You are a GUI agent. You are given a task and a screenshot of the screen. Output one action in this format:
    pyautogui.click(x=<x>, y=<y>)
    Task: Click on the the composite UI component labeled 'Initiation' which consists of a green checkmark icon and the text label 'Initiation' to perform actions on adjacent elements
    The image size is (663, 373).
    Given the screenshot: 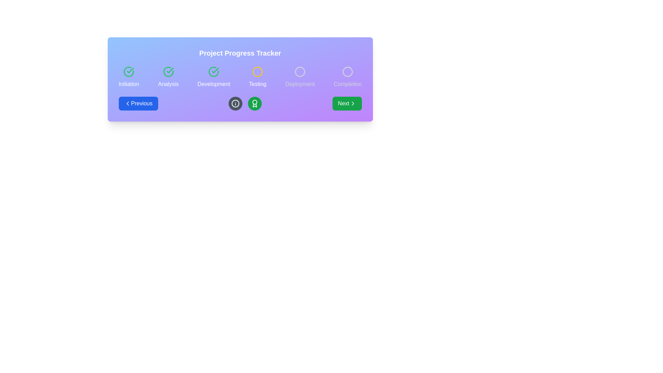 What is the action you would take?
    pyautogui.click(x=129, y=77)
    